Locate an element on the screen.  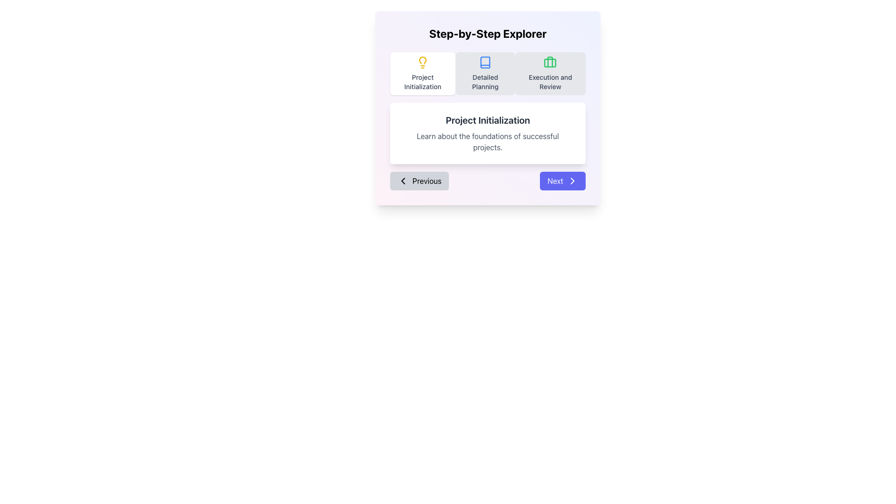
the blue book icon located within the second button of the segmented control labeled 'Detailed Planning' is located at coordinates (485, 63).